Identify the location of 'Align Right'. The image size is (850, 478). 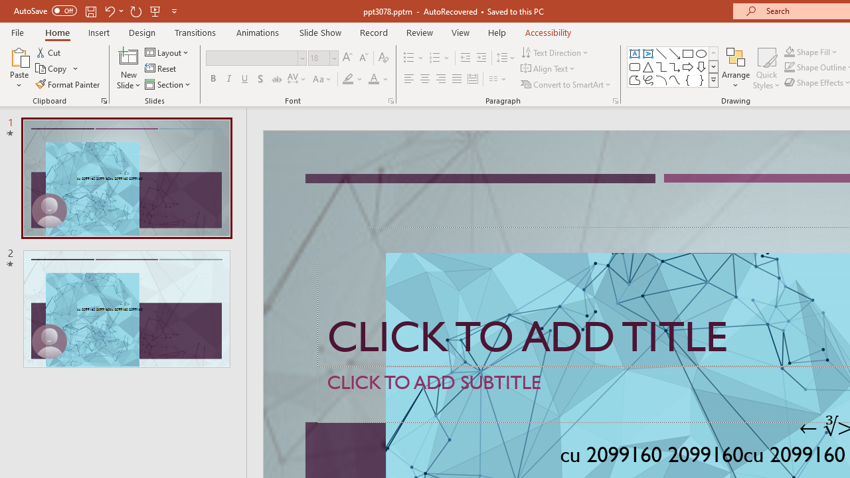
(440, 79).